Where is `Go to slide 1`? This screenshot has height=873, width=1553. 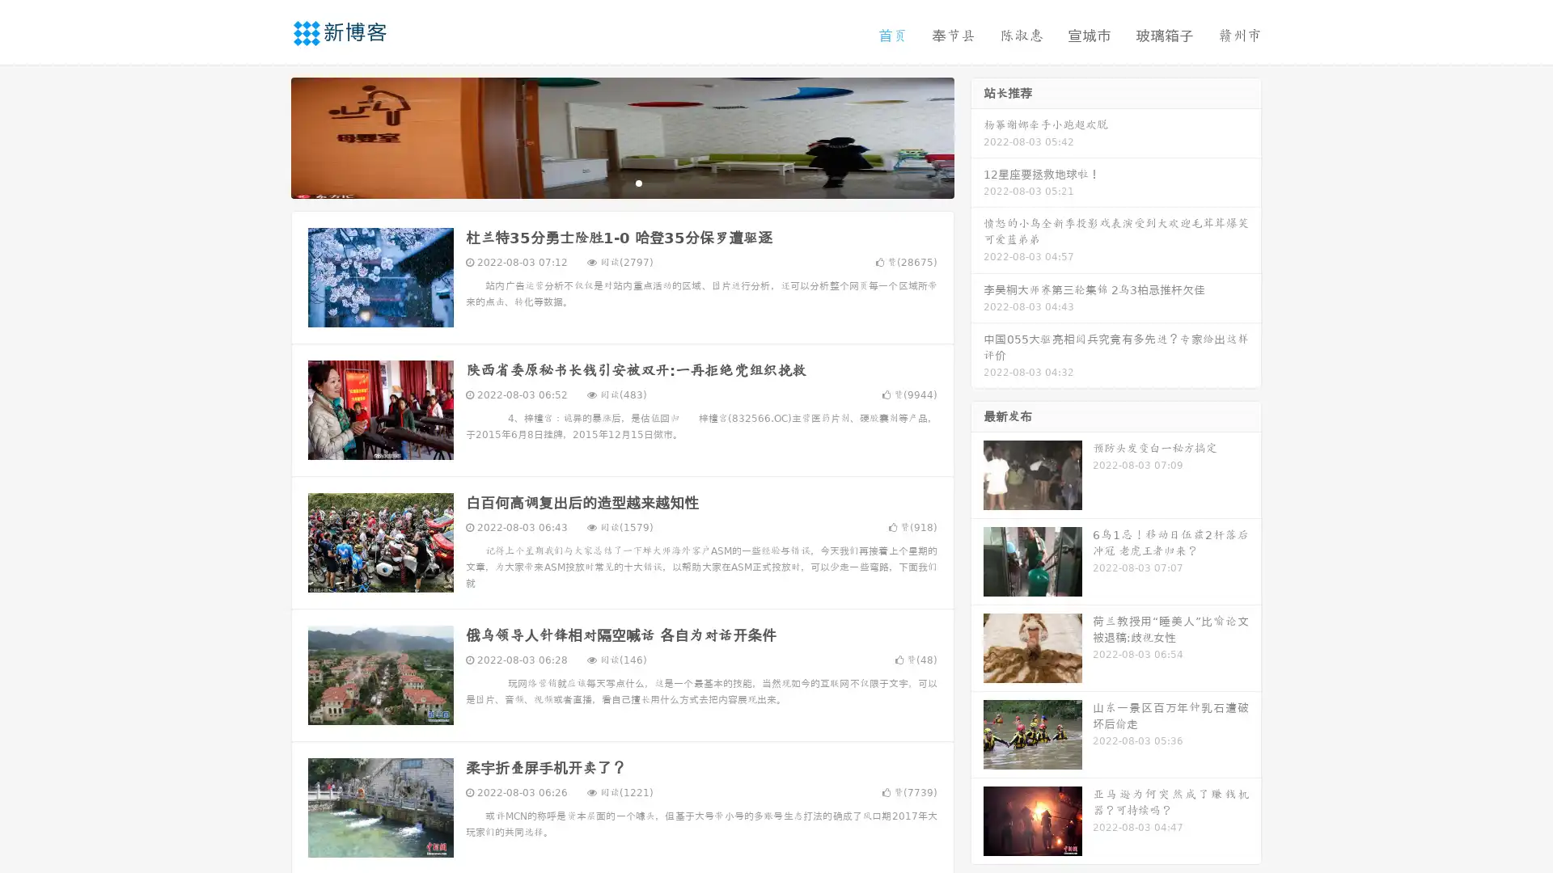 Go to slide 1 is located at coordinates (605, 182).